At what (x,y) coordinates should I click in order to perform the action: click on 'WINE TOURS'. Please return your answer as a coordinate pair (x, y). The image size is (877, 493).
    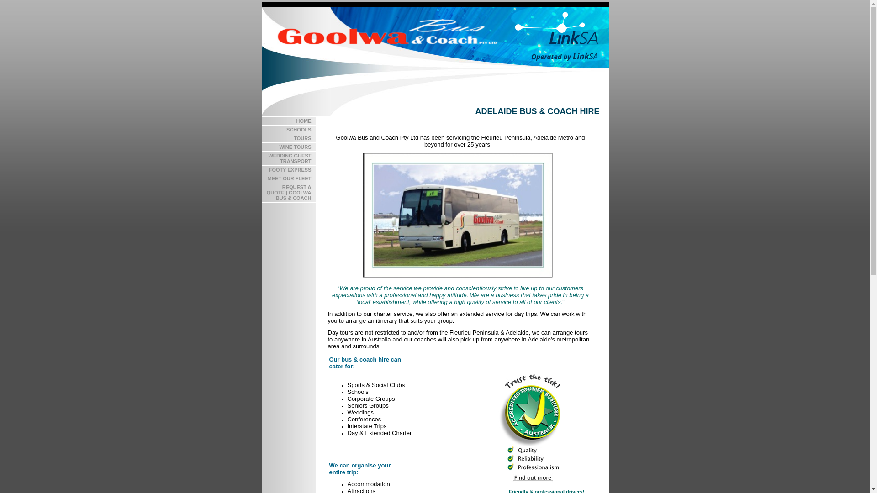
    Looking at the image, I should click on (288, 147).